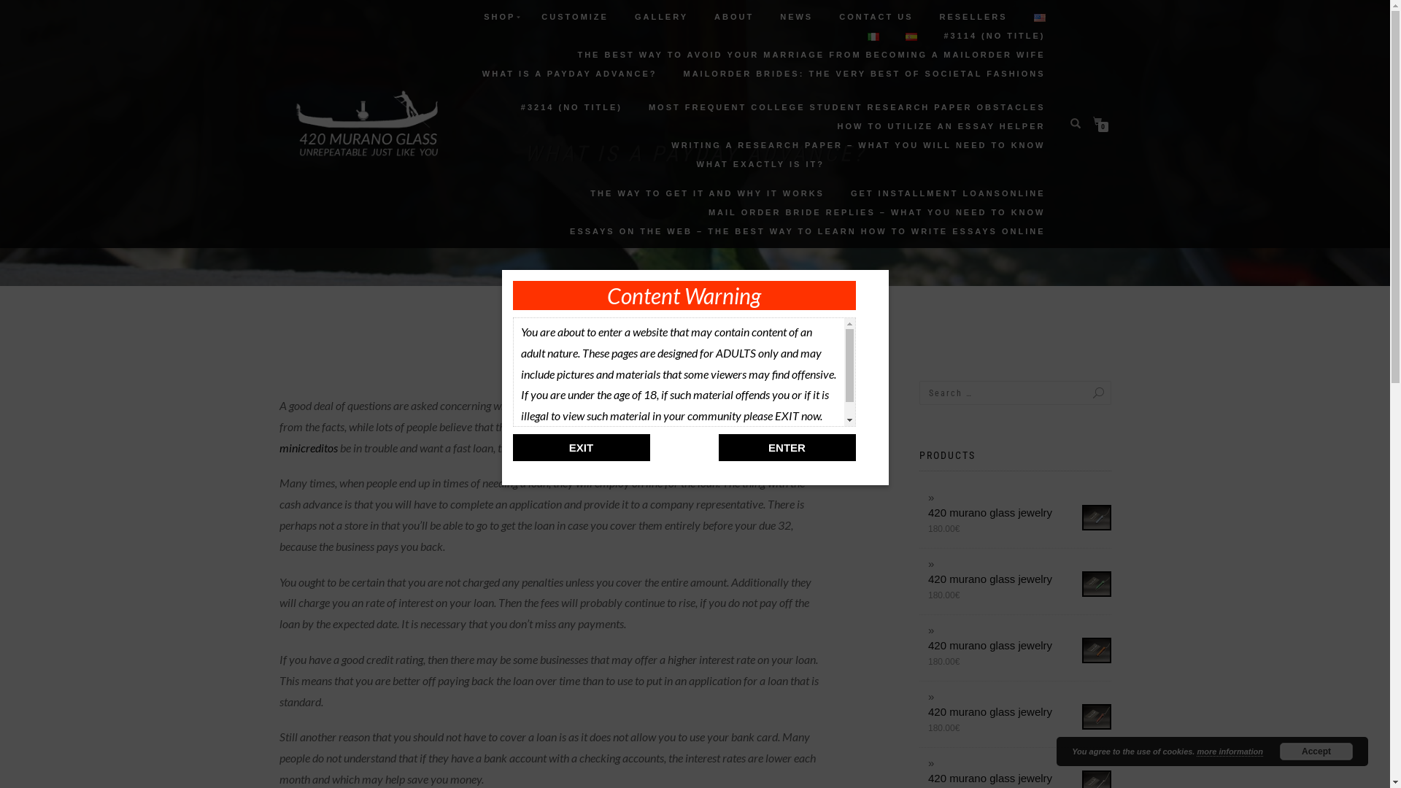 Image resolution: width=1401 pixels, height=788 pixels. I want to click on 'SHOP', so click(499, 17).